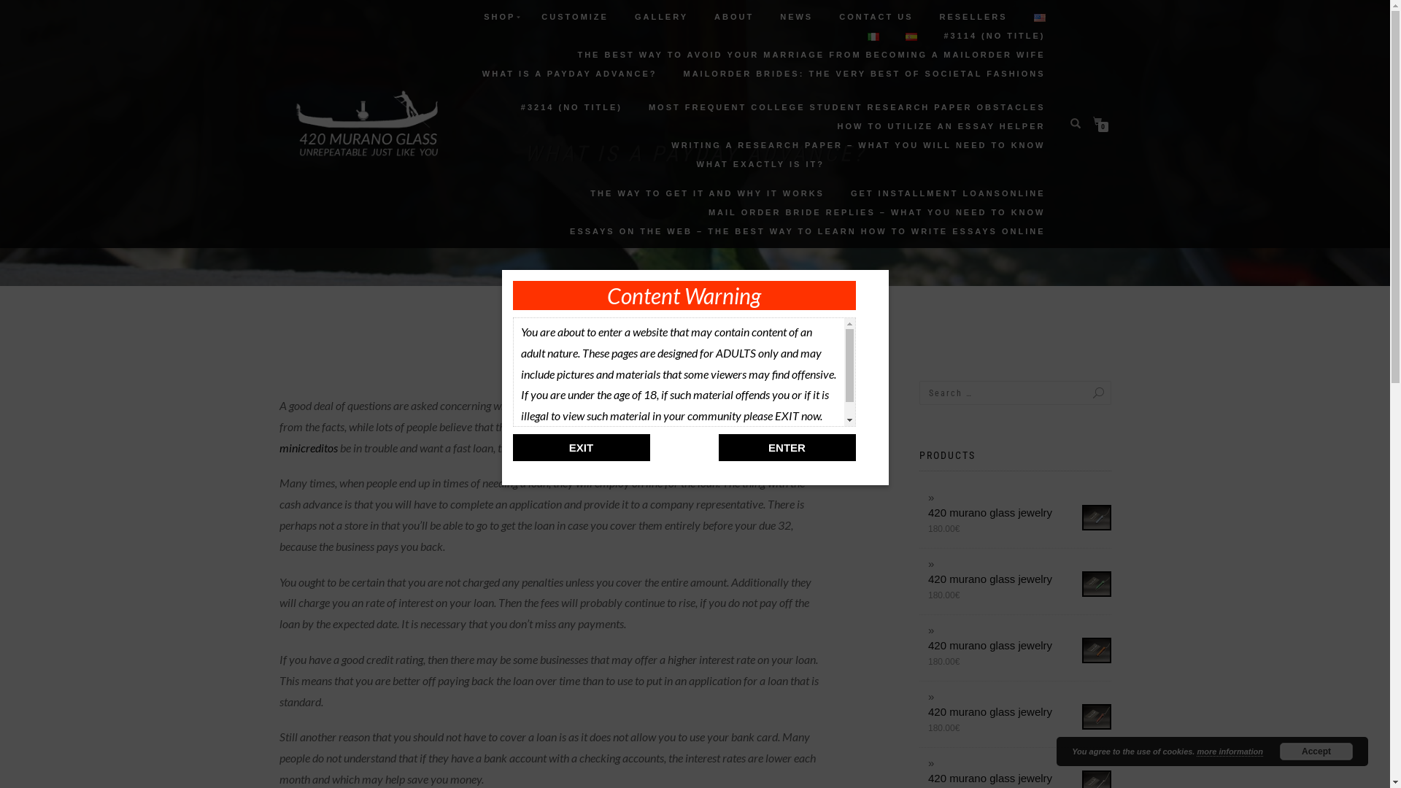 Image resolution: width=1401 pixels, height=788 pixels. I want to click on 'SHOP', so click(499, 17).